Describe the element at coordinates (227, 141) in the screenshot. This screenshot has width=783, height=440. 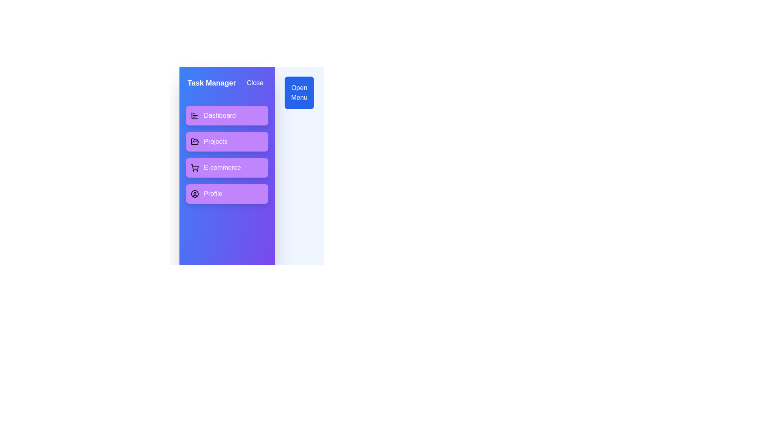
I see `the Projects task item` at that location.